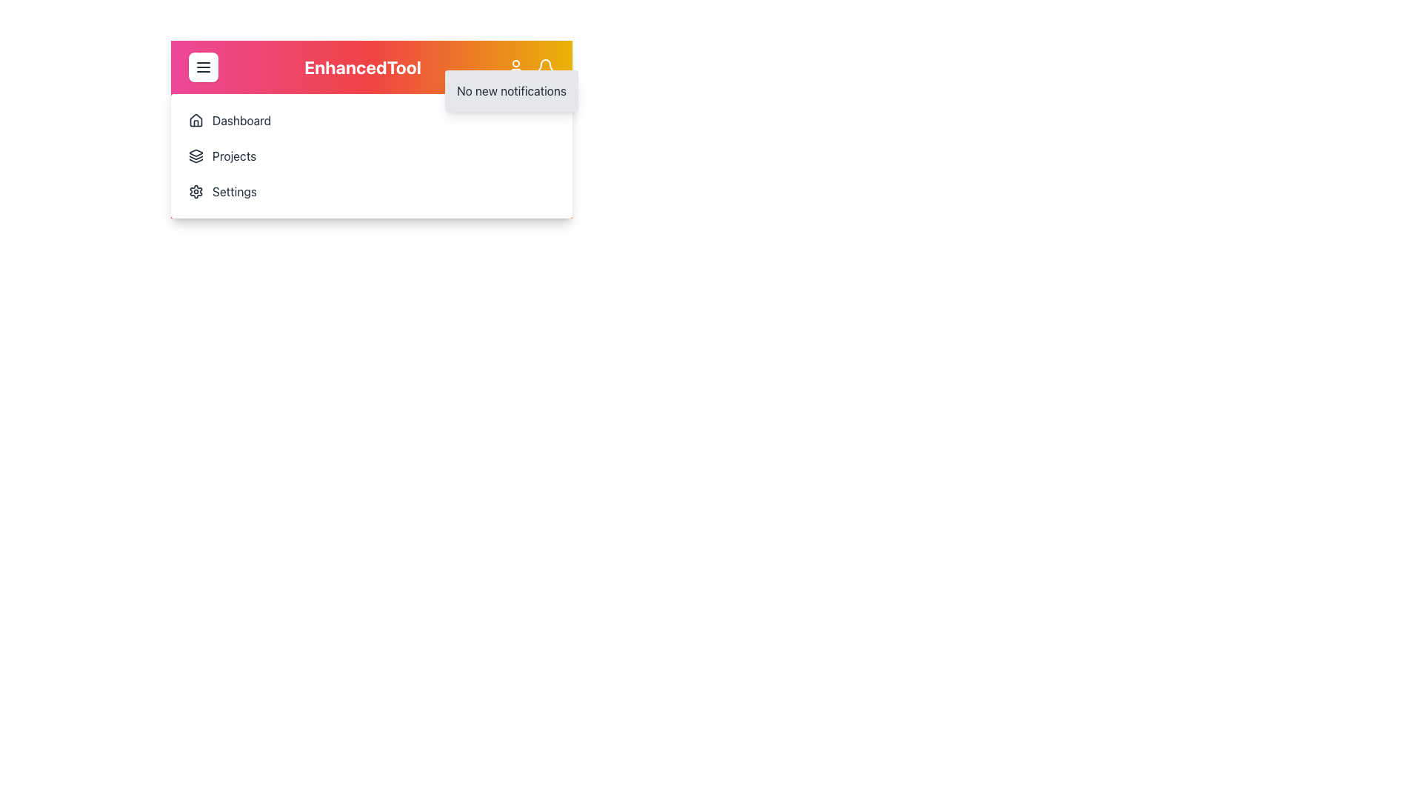 The width and height of the screenshot is (1422, 800). Describe the element at coordinates (195, 190) in the screenshot. I see `the small gear icon representing settings, located to the left of the 'Settings' label in the third list item of the vertical options menu` at that location.